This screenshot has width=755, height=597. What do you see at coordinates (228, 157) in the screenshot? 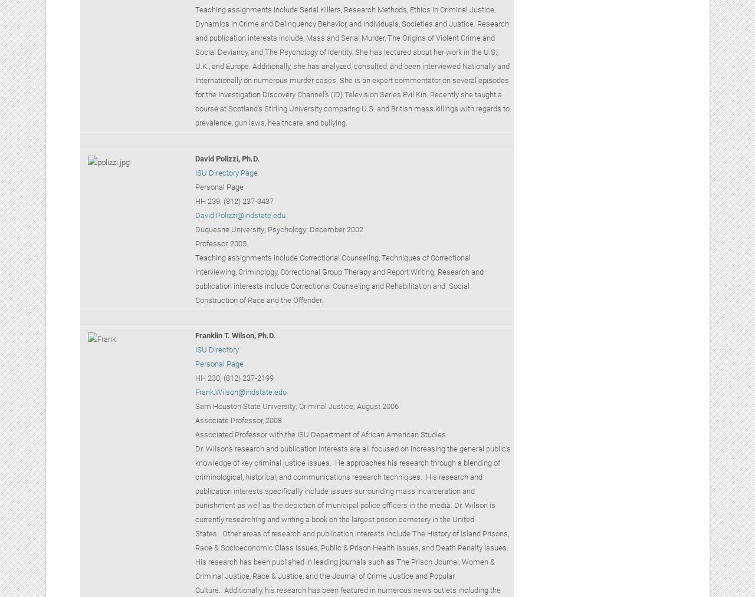
I see `'David Polizzi, Ph.D.'` at bounding box center [228, 157].